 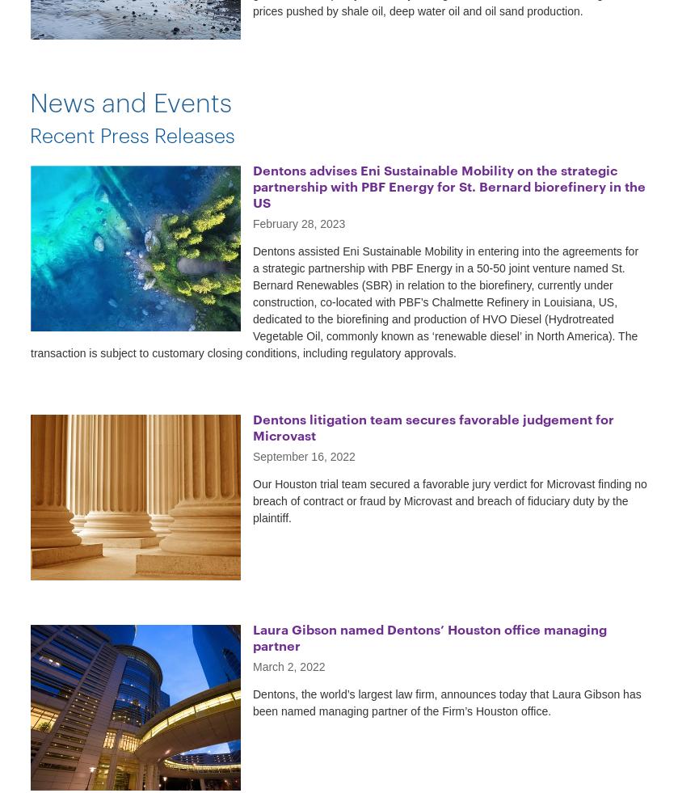 What do you see at coordinates (298, 221) in the screenshot?
I see `'February 28, 2023'` at bounding box center [298, 221].